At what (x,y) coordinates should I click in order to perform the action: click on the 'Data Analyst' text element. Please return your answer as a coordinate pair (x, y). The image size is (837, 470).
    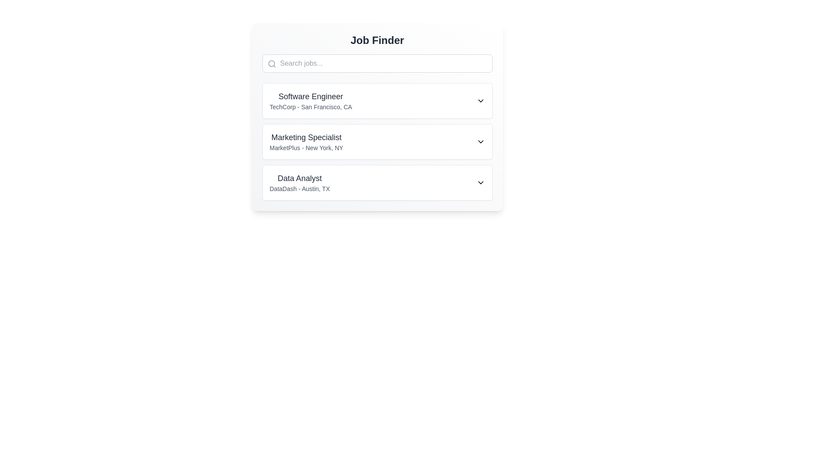
    Looking at the image, I should click on (299, 178).